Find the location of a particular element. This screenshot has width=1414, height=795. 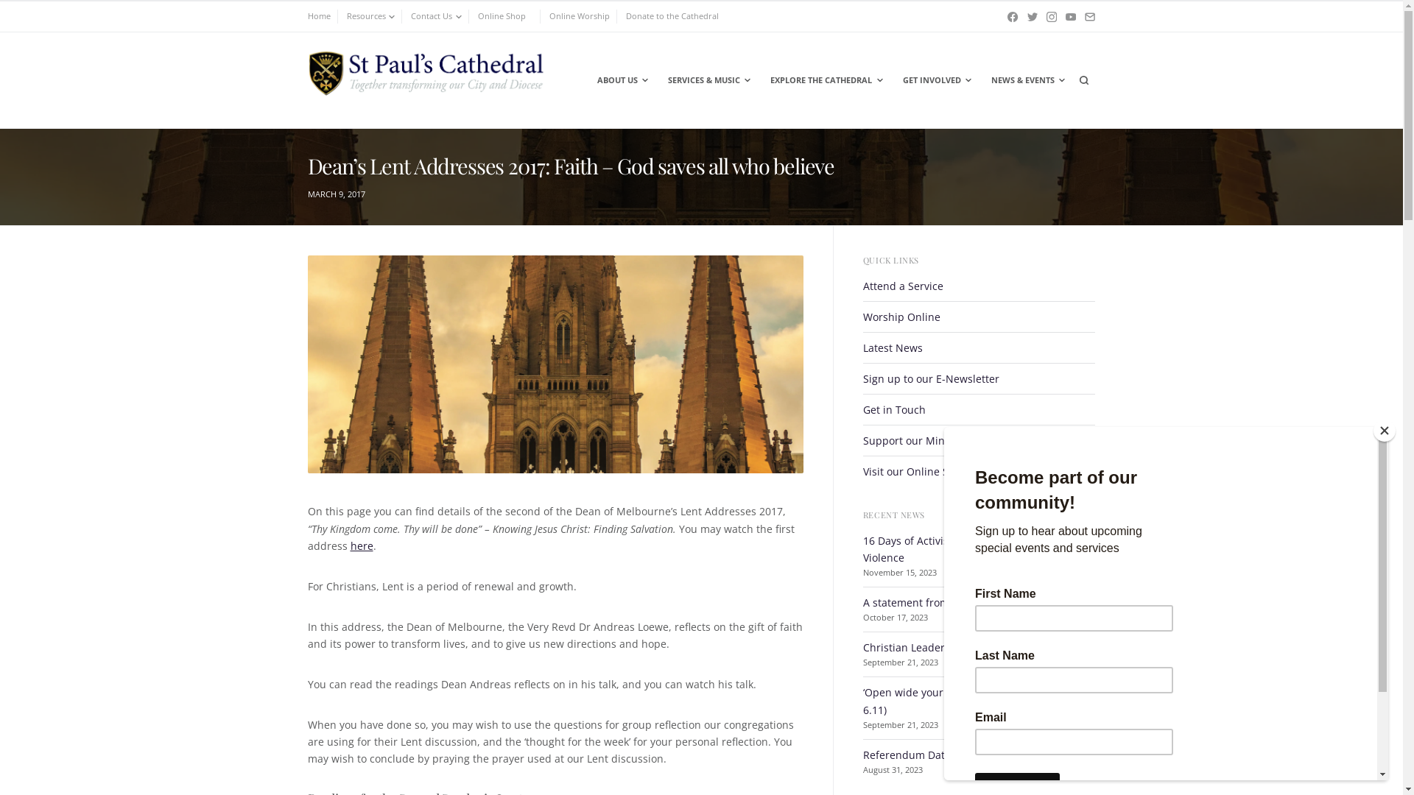

'Contact Us' is located at coordinates (435, 16).